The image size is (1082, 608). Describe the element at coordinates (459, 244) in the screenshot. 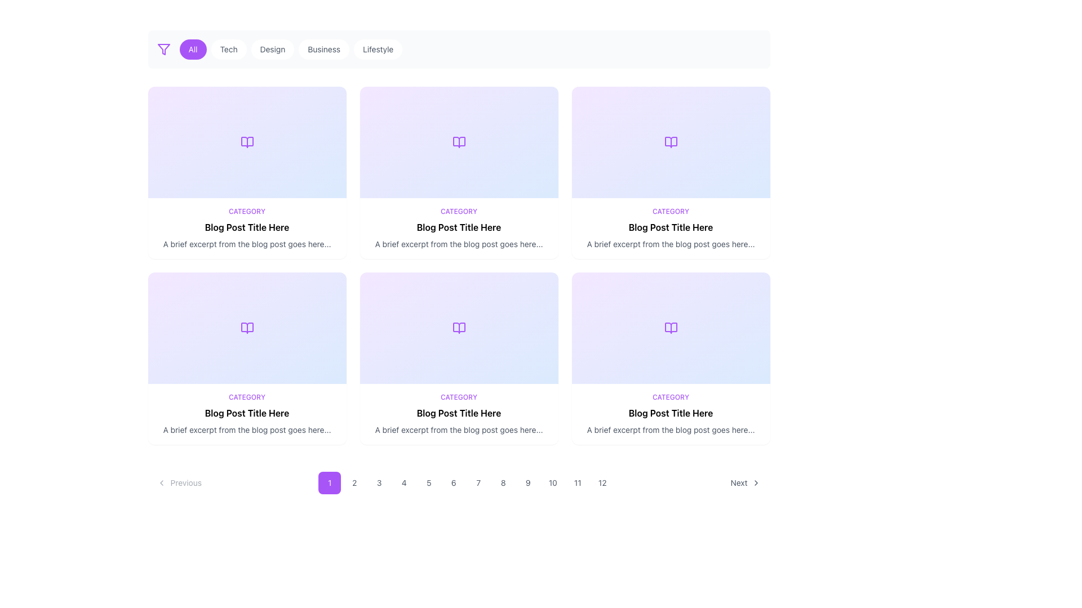

I see `static text element displaying the message 'A brief excerpt from the blog post goes here...' located below the title 'Blog Post Title Here' and 'CATEGORY' in the grid layout` at that location.